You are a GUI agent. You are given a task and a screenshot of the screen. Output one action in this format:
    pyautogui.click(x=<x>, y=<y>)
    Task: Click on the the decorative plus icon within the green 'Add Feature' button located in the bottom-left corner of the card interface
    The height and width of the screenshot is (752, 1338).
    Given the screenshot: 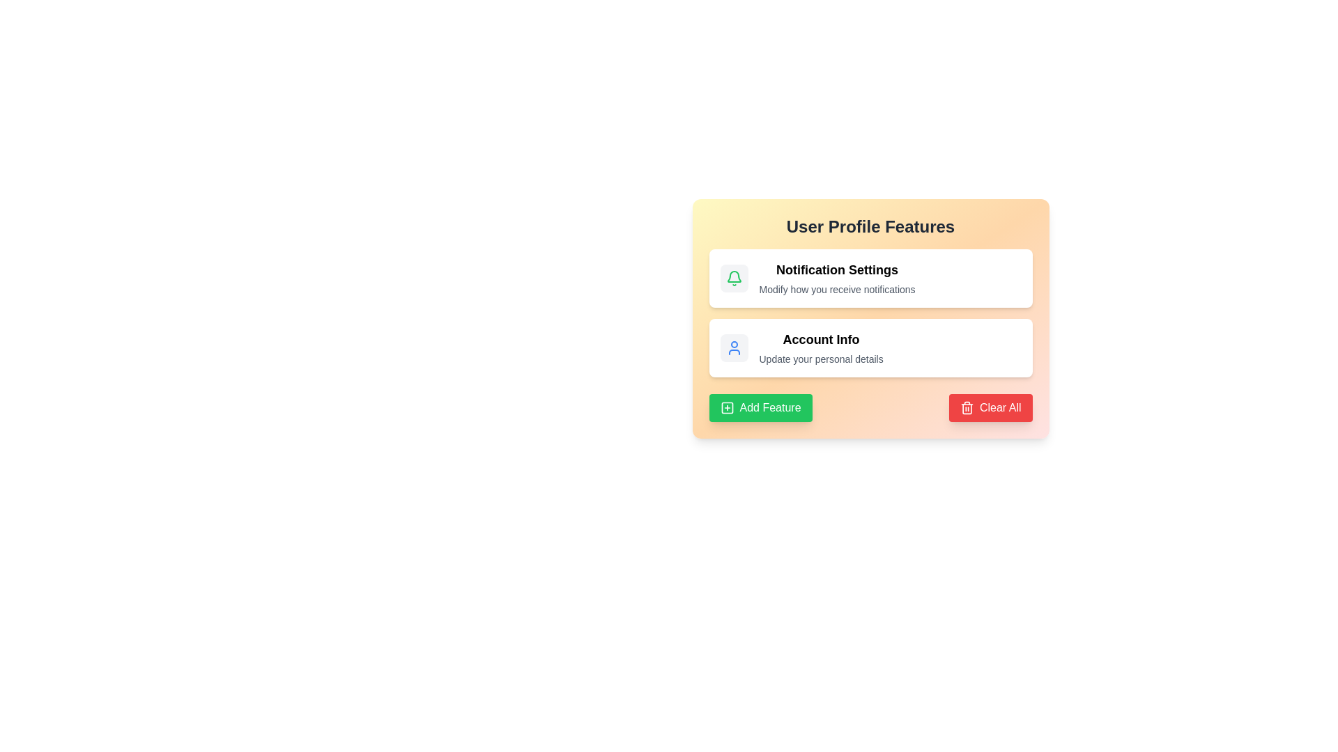 What is the action you would take?
    pyautogui.click(x=726, y=407)
    